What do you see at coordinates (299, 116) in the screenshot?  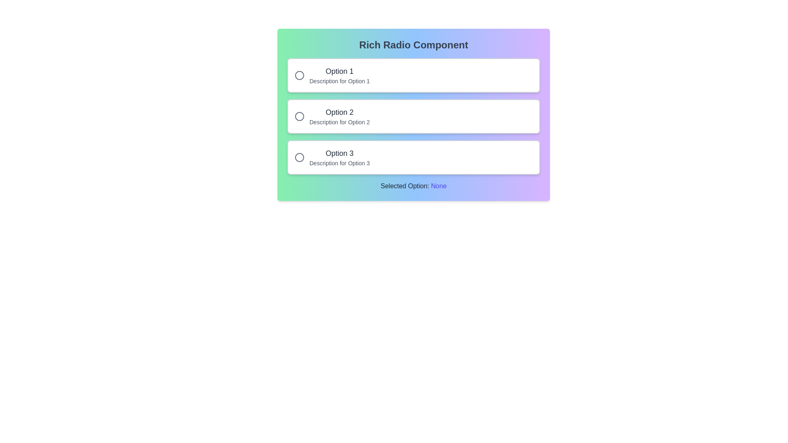 I see `the active selection mark represented by the SVG circle at the center of the second radio button in a vertical list of three options` at bounding box center [299, 116].